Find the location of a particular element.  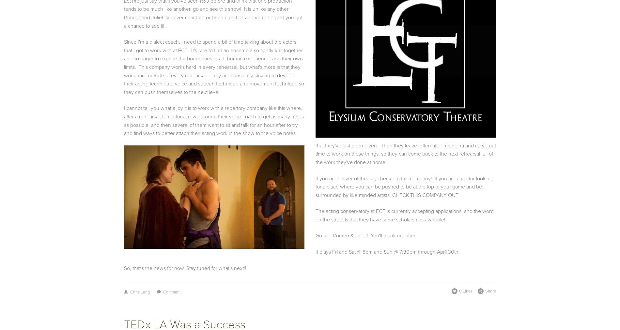

'Go see Romeo & Juliet!  You'll thank me after.' is located at coordinates (366, 235).